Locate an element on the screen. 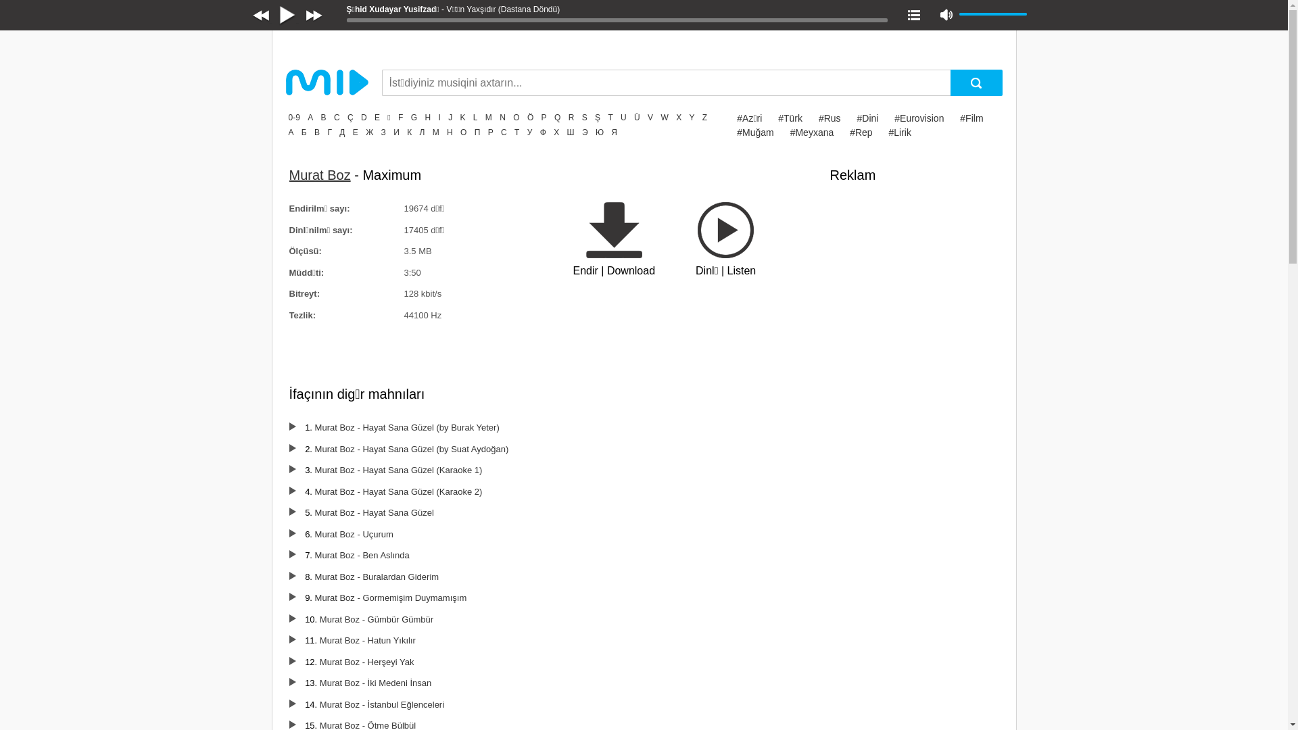 The width and height of the screenshot is (1298, 730). '#Meyxana' is located at coordinates (811, 132).